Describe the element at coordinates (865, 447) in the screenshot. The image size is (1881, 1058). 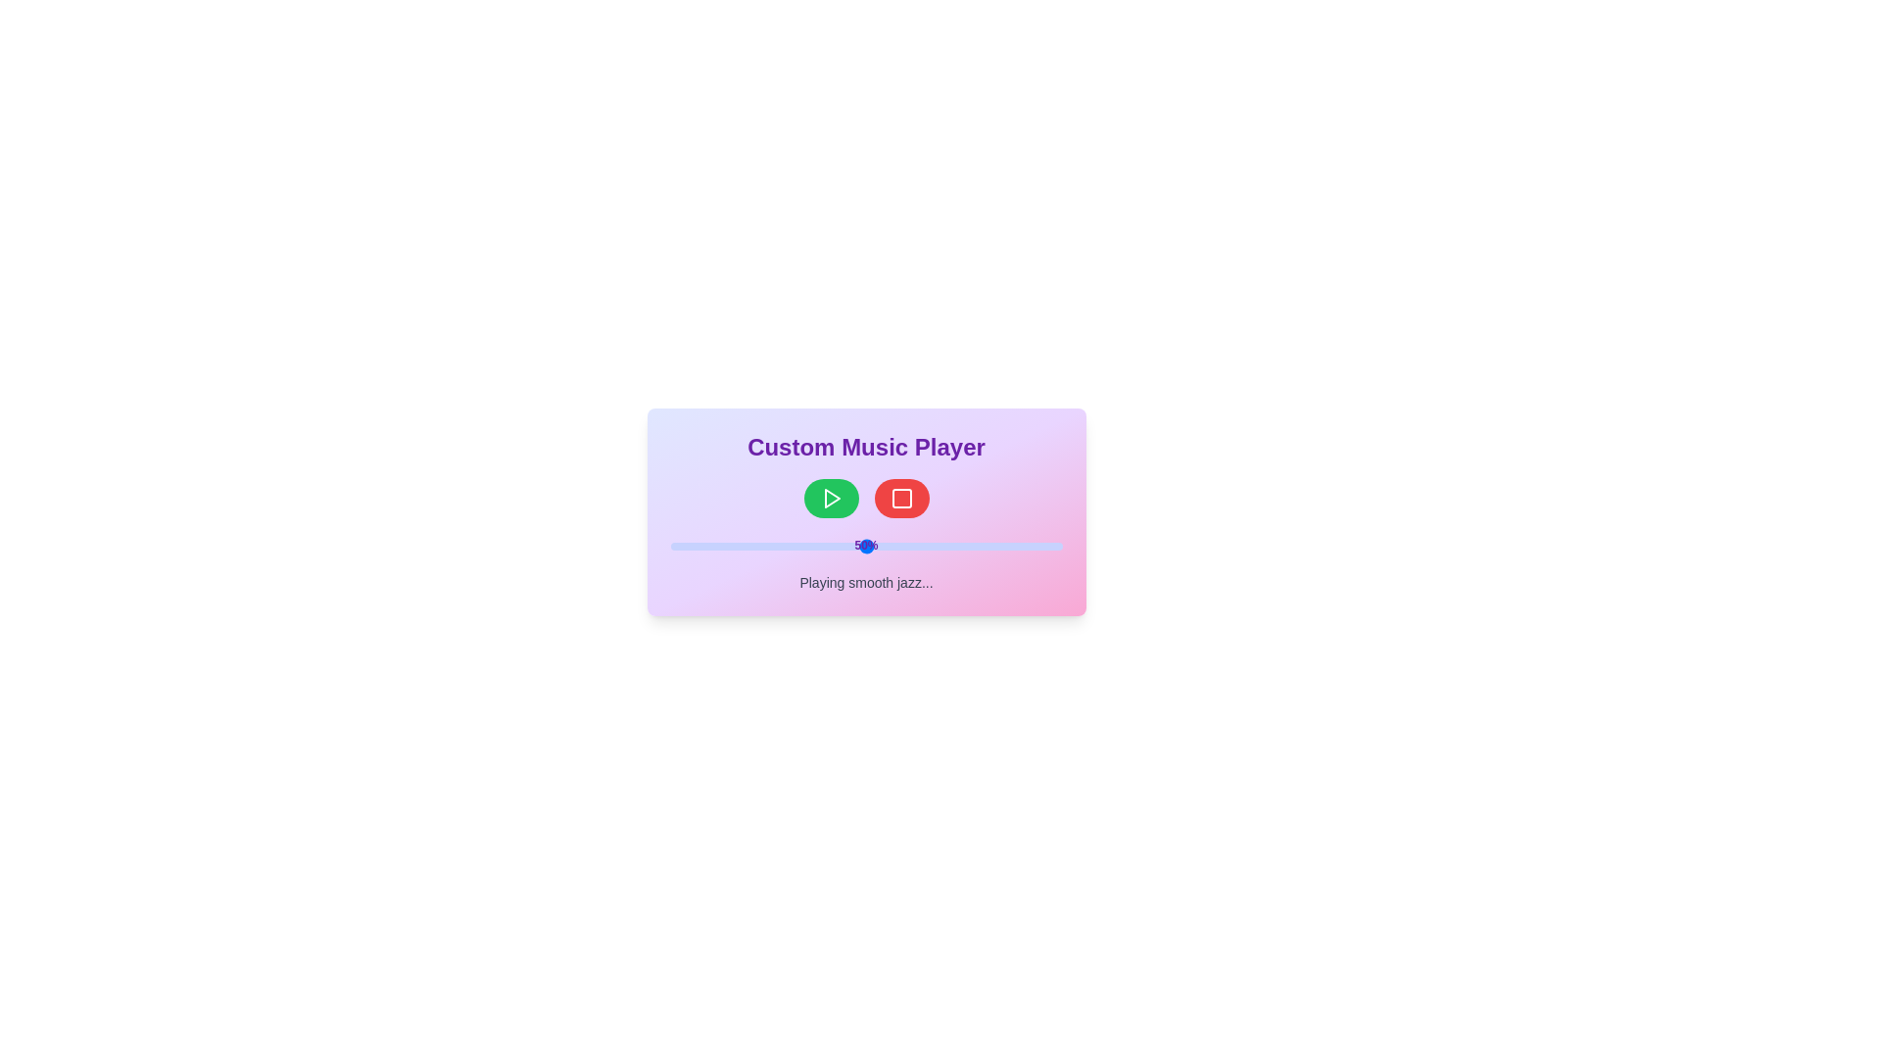
I see `the 'Custom Music Player' text header which is a prominently displayed element at the top of a card interface` at that location.